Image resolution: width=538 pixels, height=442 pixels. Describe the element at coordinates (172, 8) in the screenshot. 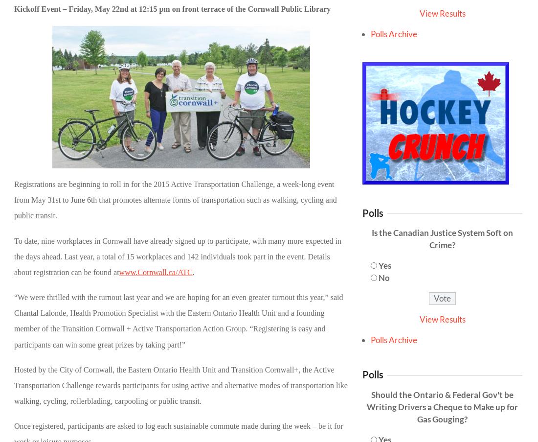

I see `'Kickoff Event – Friday, May 22nd at 12:15 pm on front terrace of the Cornwall Public Library'` at that location.